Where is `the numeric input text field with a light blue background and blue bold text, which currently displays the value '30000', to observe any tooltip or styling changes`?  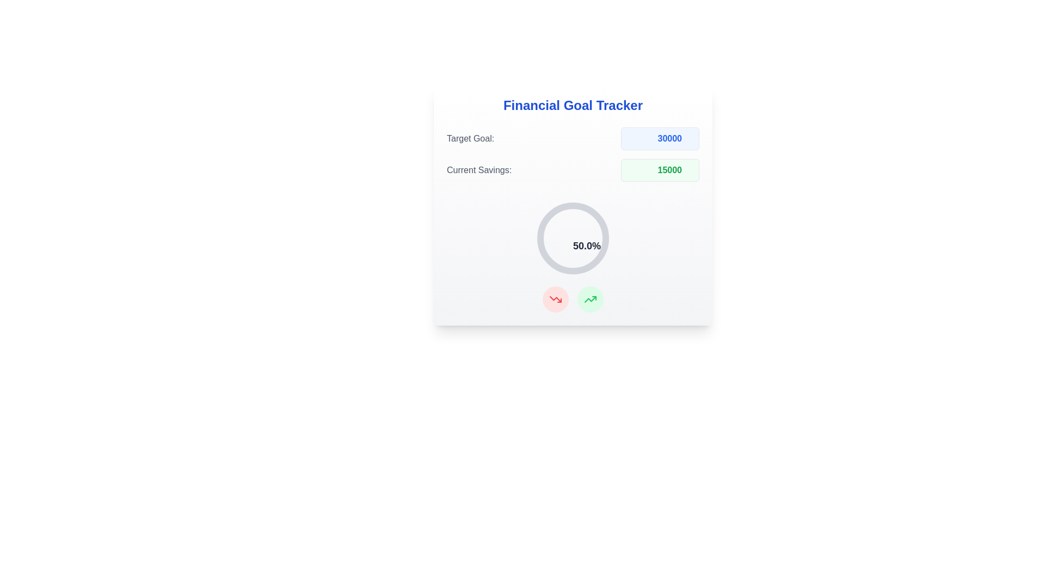
the numeric input text field with a light blue background and blue bold text, which currently displays the value '30000', to observe any tooltip or styling changes is located at coordinates (660, 138).